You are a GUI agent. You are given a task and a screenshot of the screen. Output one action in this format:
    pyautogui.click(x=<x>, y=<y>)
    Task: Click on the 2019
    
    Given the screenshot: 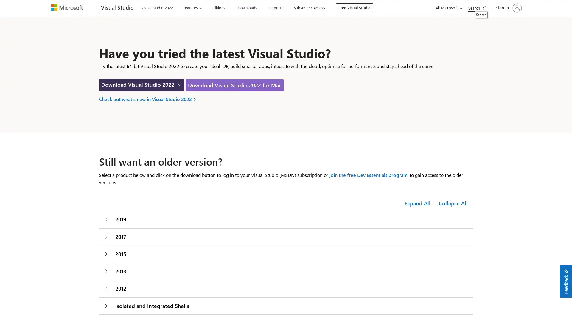 What is the action you would take?
    pyautogui.click(x=286, y=219)
    